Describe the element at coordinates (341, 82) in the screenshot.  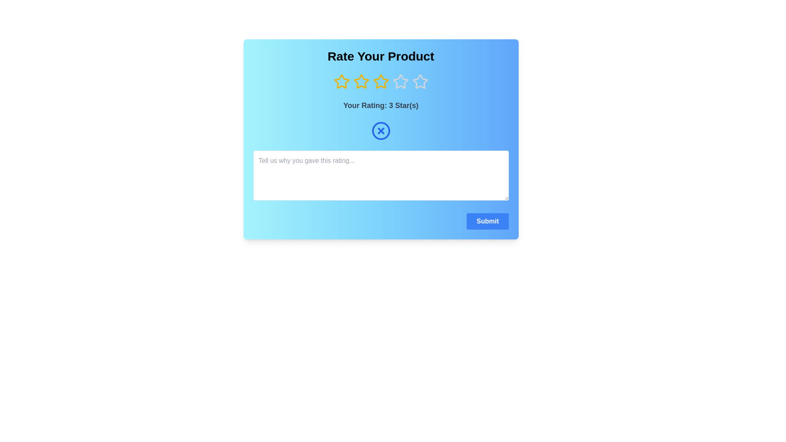
I see `the star corresponding to 1 stars to preview the rating` at that location.